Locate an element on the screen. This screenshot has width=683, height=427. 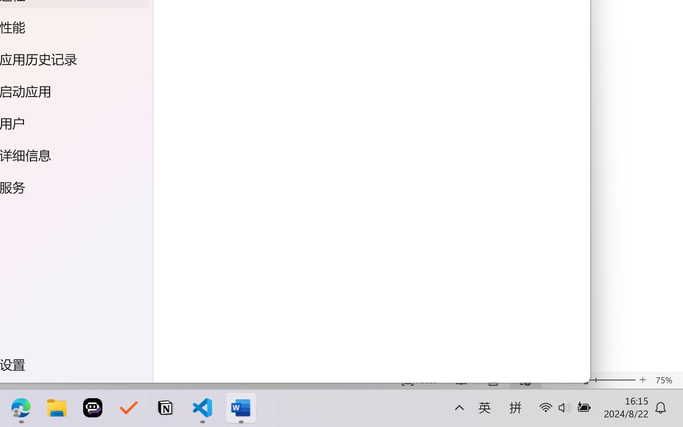
'Poe' is located at coordinates (90, 408).